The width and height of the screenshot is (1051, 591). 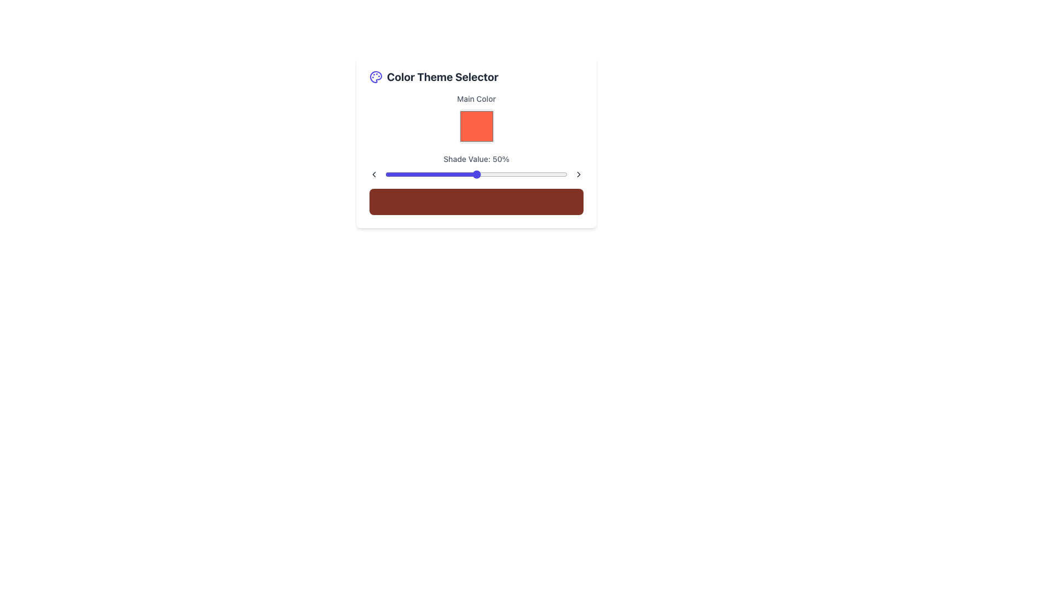 What do you see at coordinates (542, 174) in the screenshot?
I see `the shade value` at bounding box center [542, 174].